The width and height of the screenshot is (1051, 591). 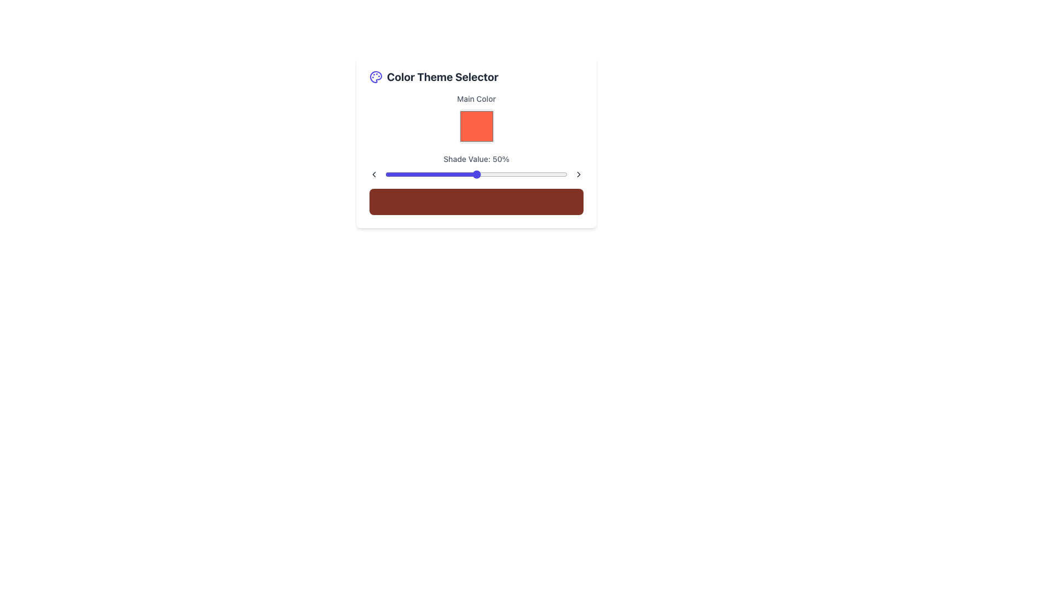 What do you see at coordinates (542, 174) in the screenshot?
I see `the shade value` at bounding box center [542, 174].